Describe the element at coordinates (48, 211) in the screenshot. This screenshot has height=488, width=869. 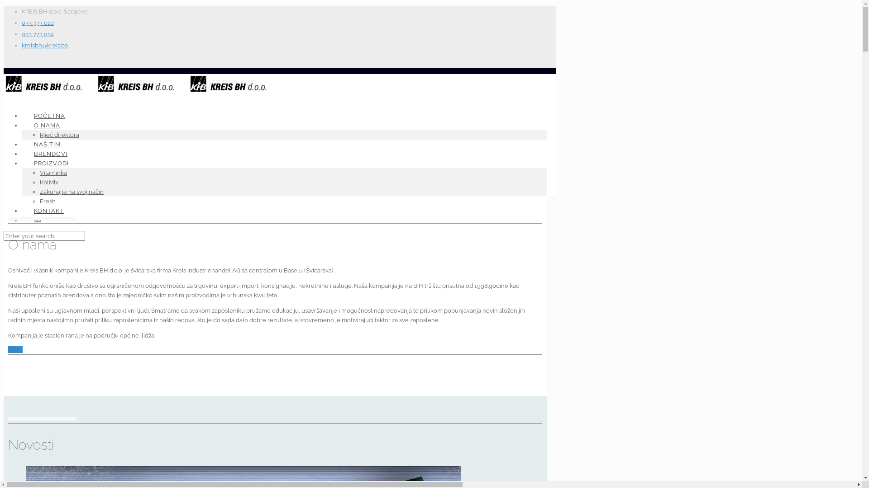
I see `'KONTAKT'` at that location.